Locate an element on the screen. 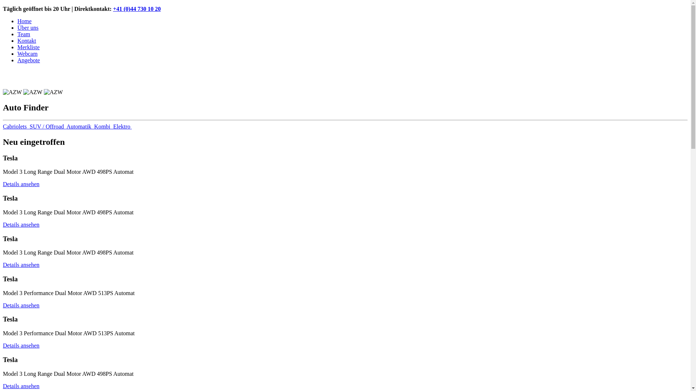 This screenshot has width=696, height=391. 'Cabriolets' is located at coordinates (16, 126).